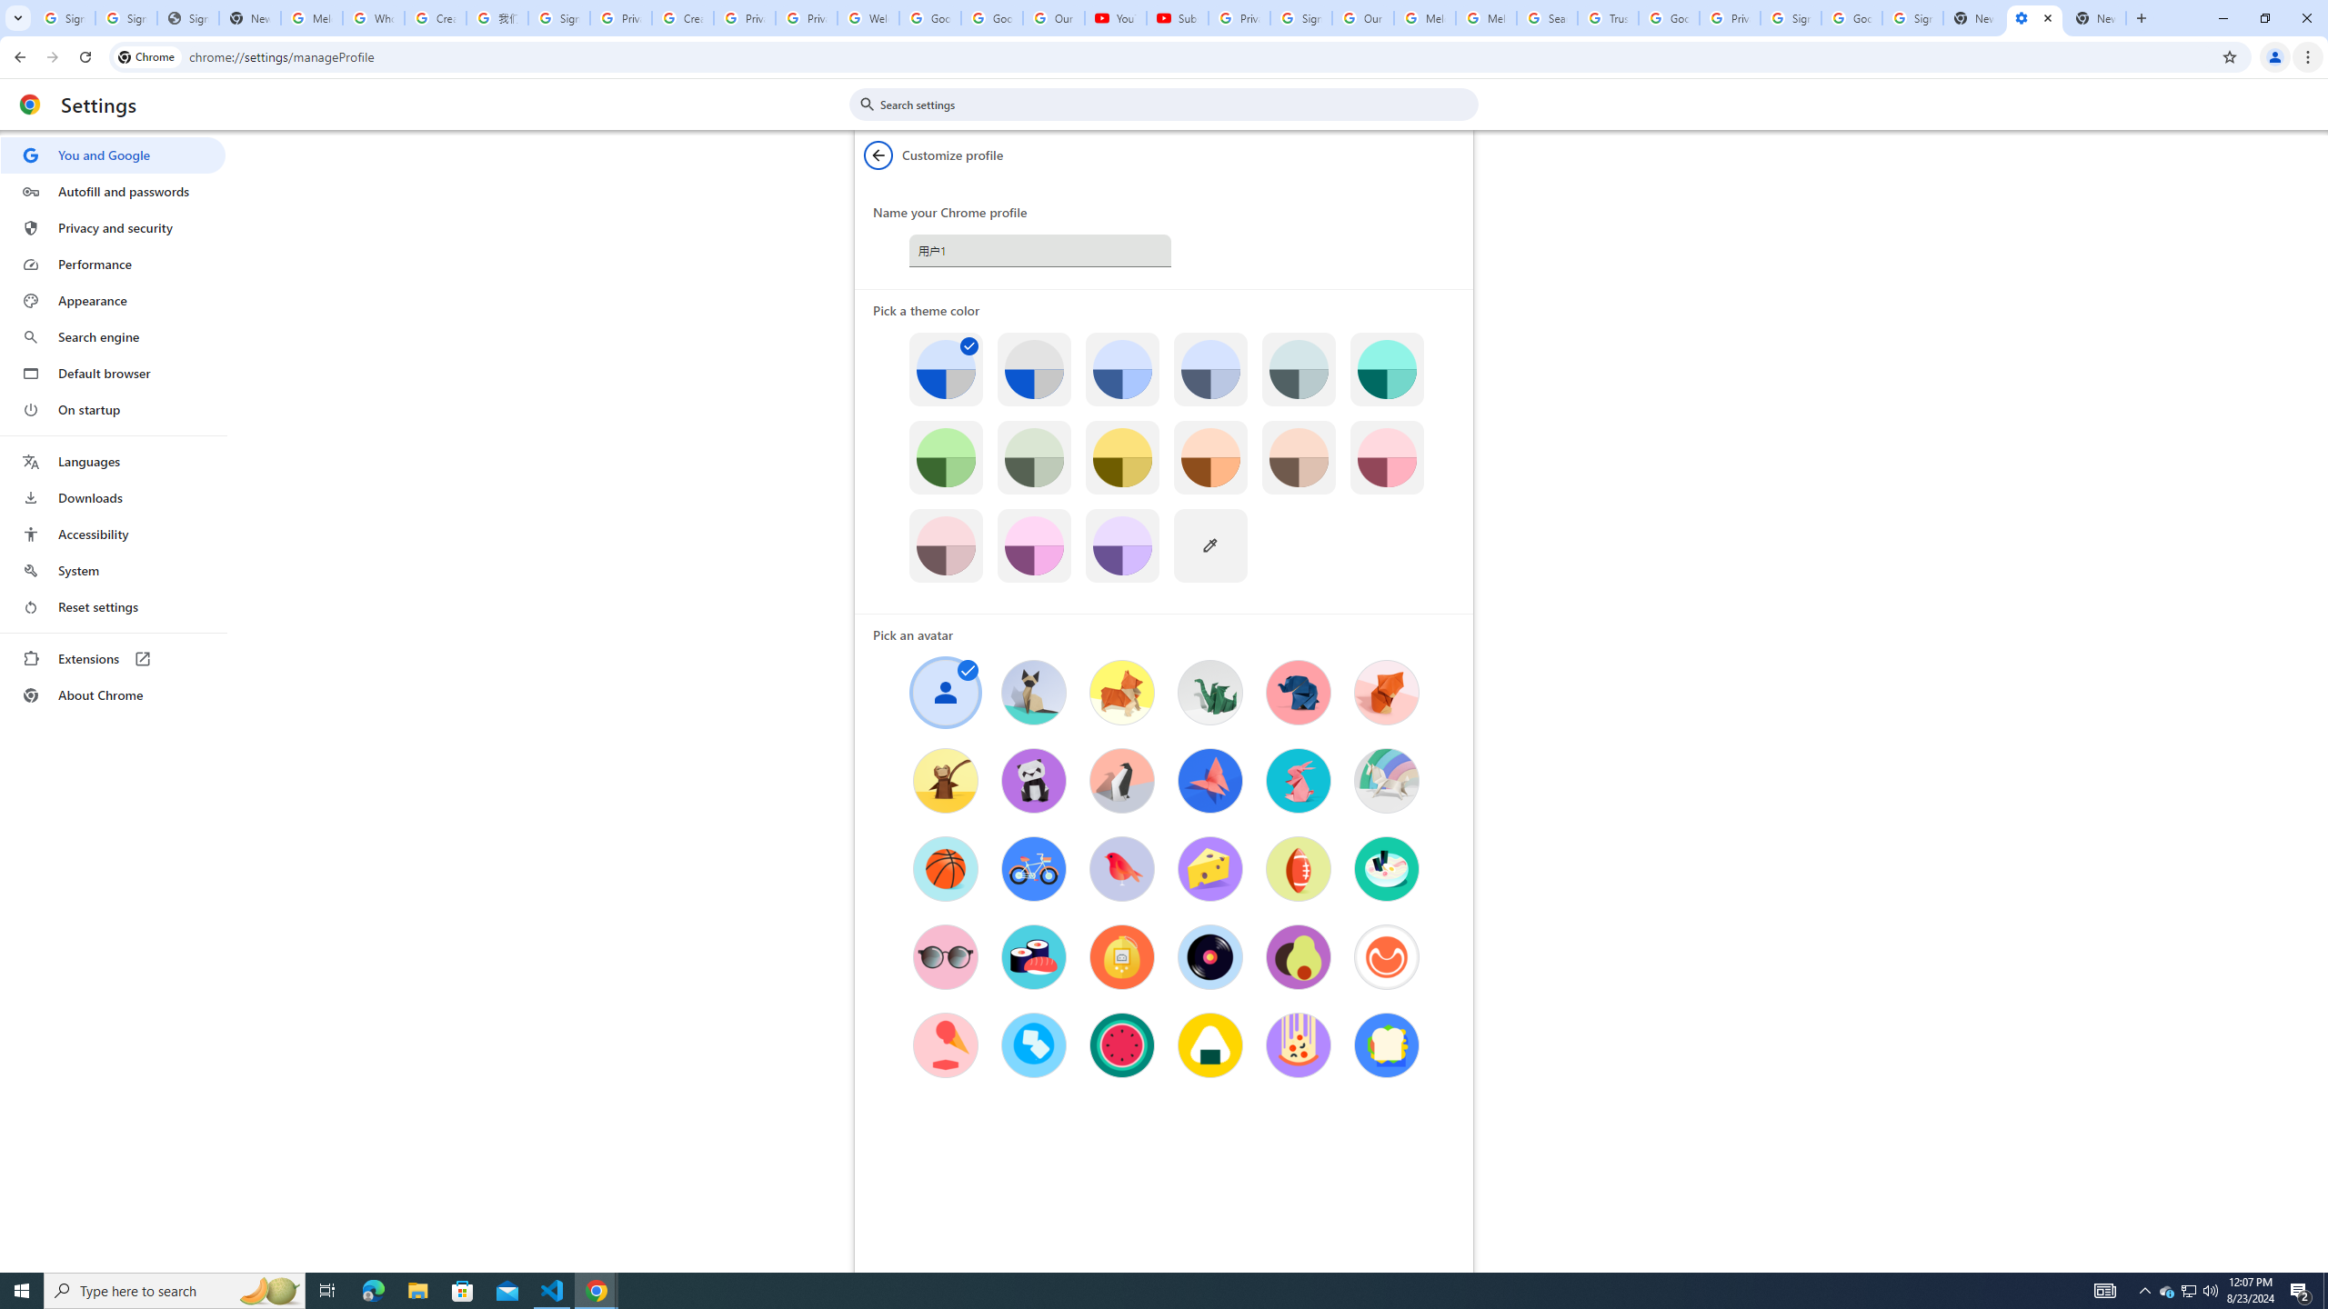 Image resolution: width=2328 pixels, height=1309 pixels. I want to click on 'Reset settings', so click(112, 606).